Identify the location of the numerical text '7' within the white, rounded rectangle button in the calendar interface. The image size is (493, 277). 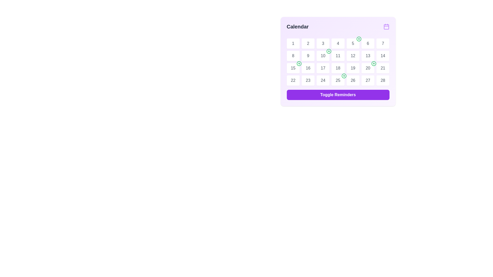
(383, 43).